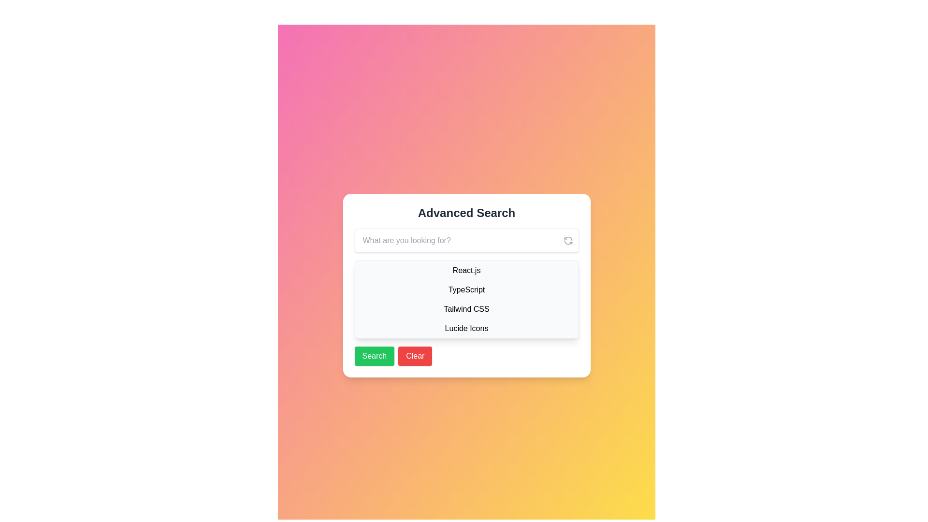 The width and height of the screenshot is (928, 522). I want to click on the 'Tailwind CSS' text label, so click(466, 309).